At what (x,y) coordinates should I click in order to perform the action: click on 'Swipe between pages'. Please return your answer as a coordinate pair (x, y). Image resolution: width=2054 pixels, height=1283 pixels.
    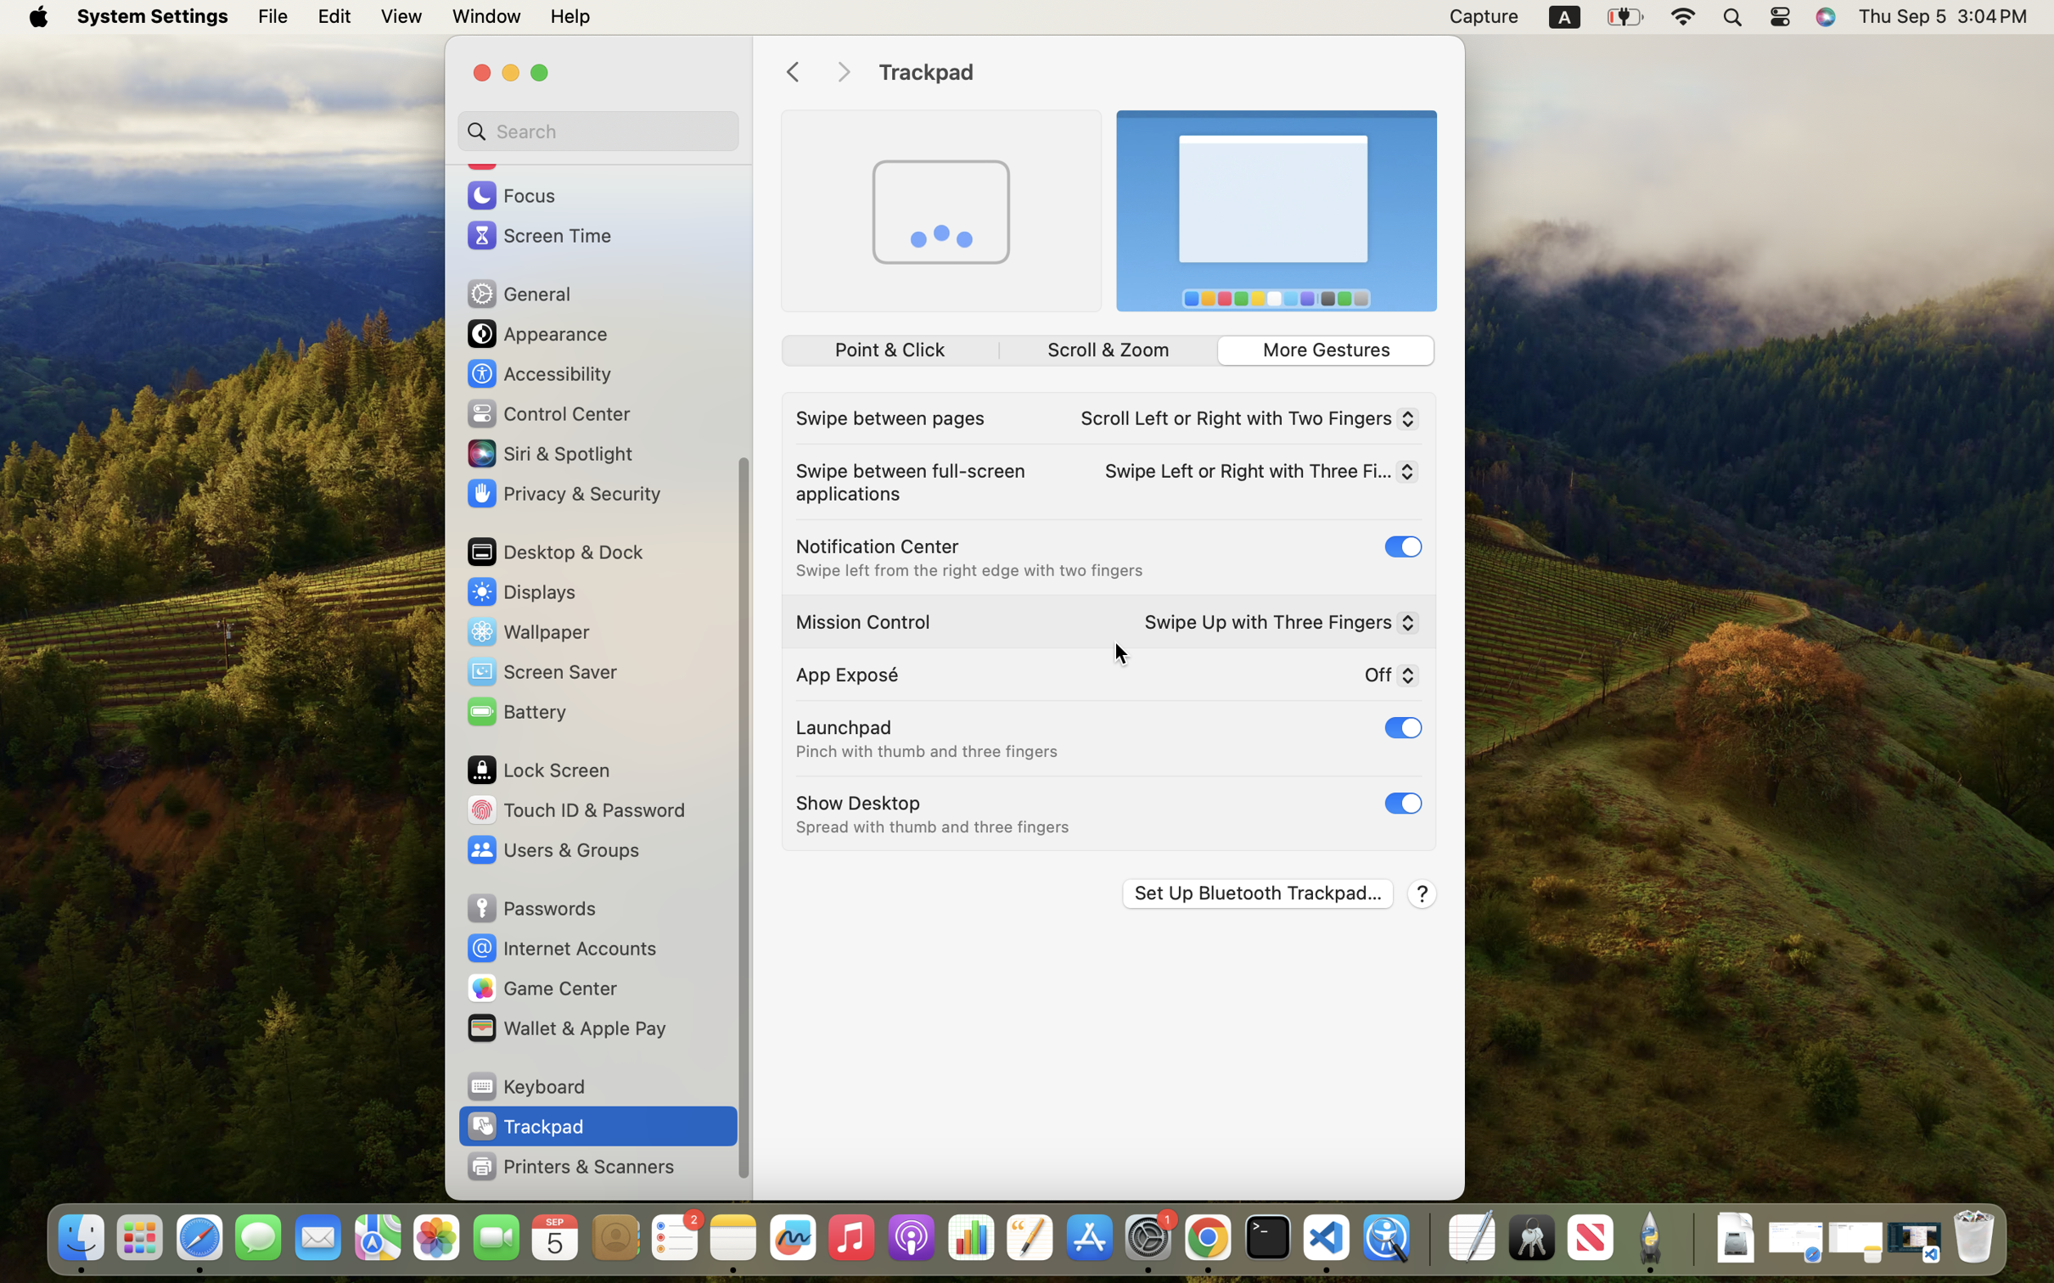
    Looking at the image, I should click on (890, 417).